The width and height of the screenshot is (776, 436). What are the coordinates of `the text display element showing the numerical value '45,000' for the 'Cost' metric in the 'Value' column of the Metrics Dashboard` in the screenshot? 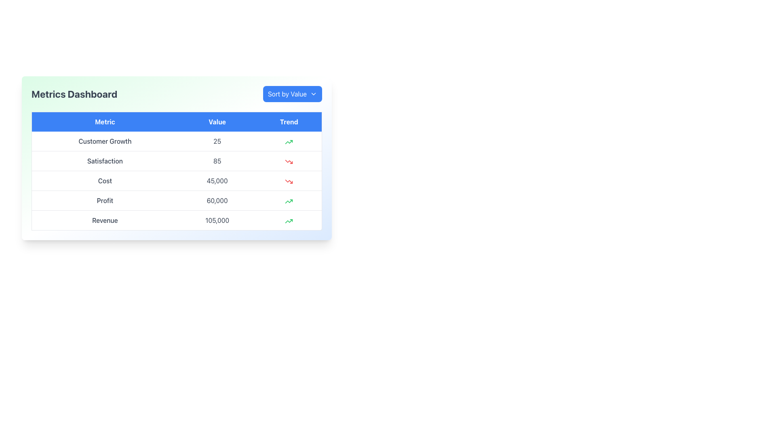 It's located at (217, 180).